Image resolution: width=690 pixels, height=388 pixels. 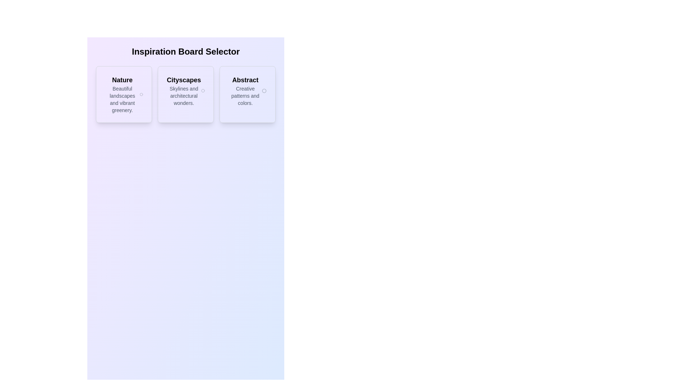 What do you see at coordinates (264, 91) in the screenshot?
I see `the circular icon positioned at the far right of the 'Abstract' section, serving as a visual separator within the card layout` at bounding box center [264, 91].